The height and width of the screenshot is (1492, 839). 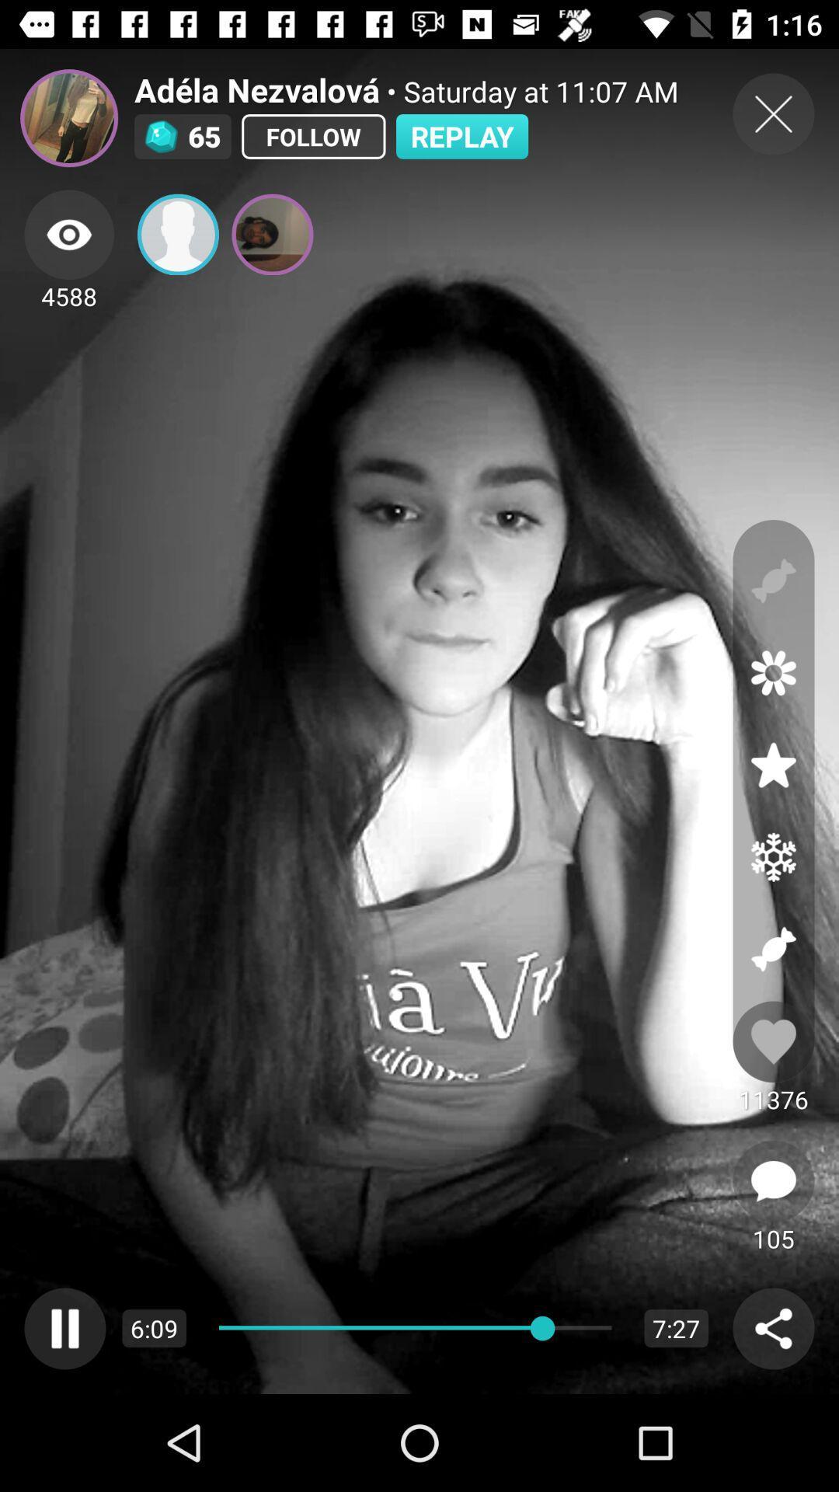 I want to click on the avatar icon, so click(x=68, y=117).